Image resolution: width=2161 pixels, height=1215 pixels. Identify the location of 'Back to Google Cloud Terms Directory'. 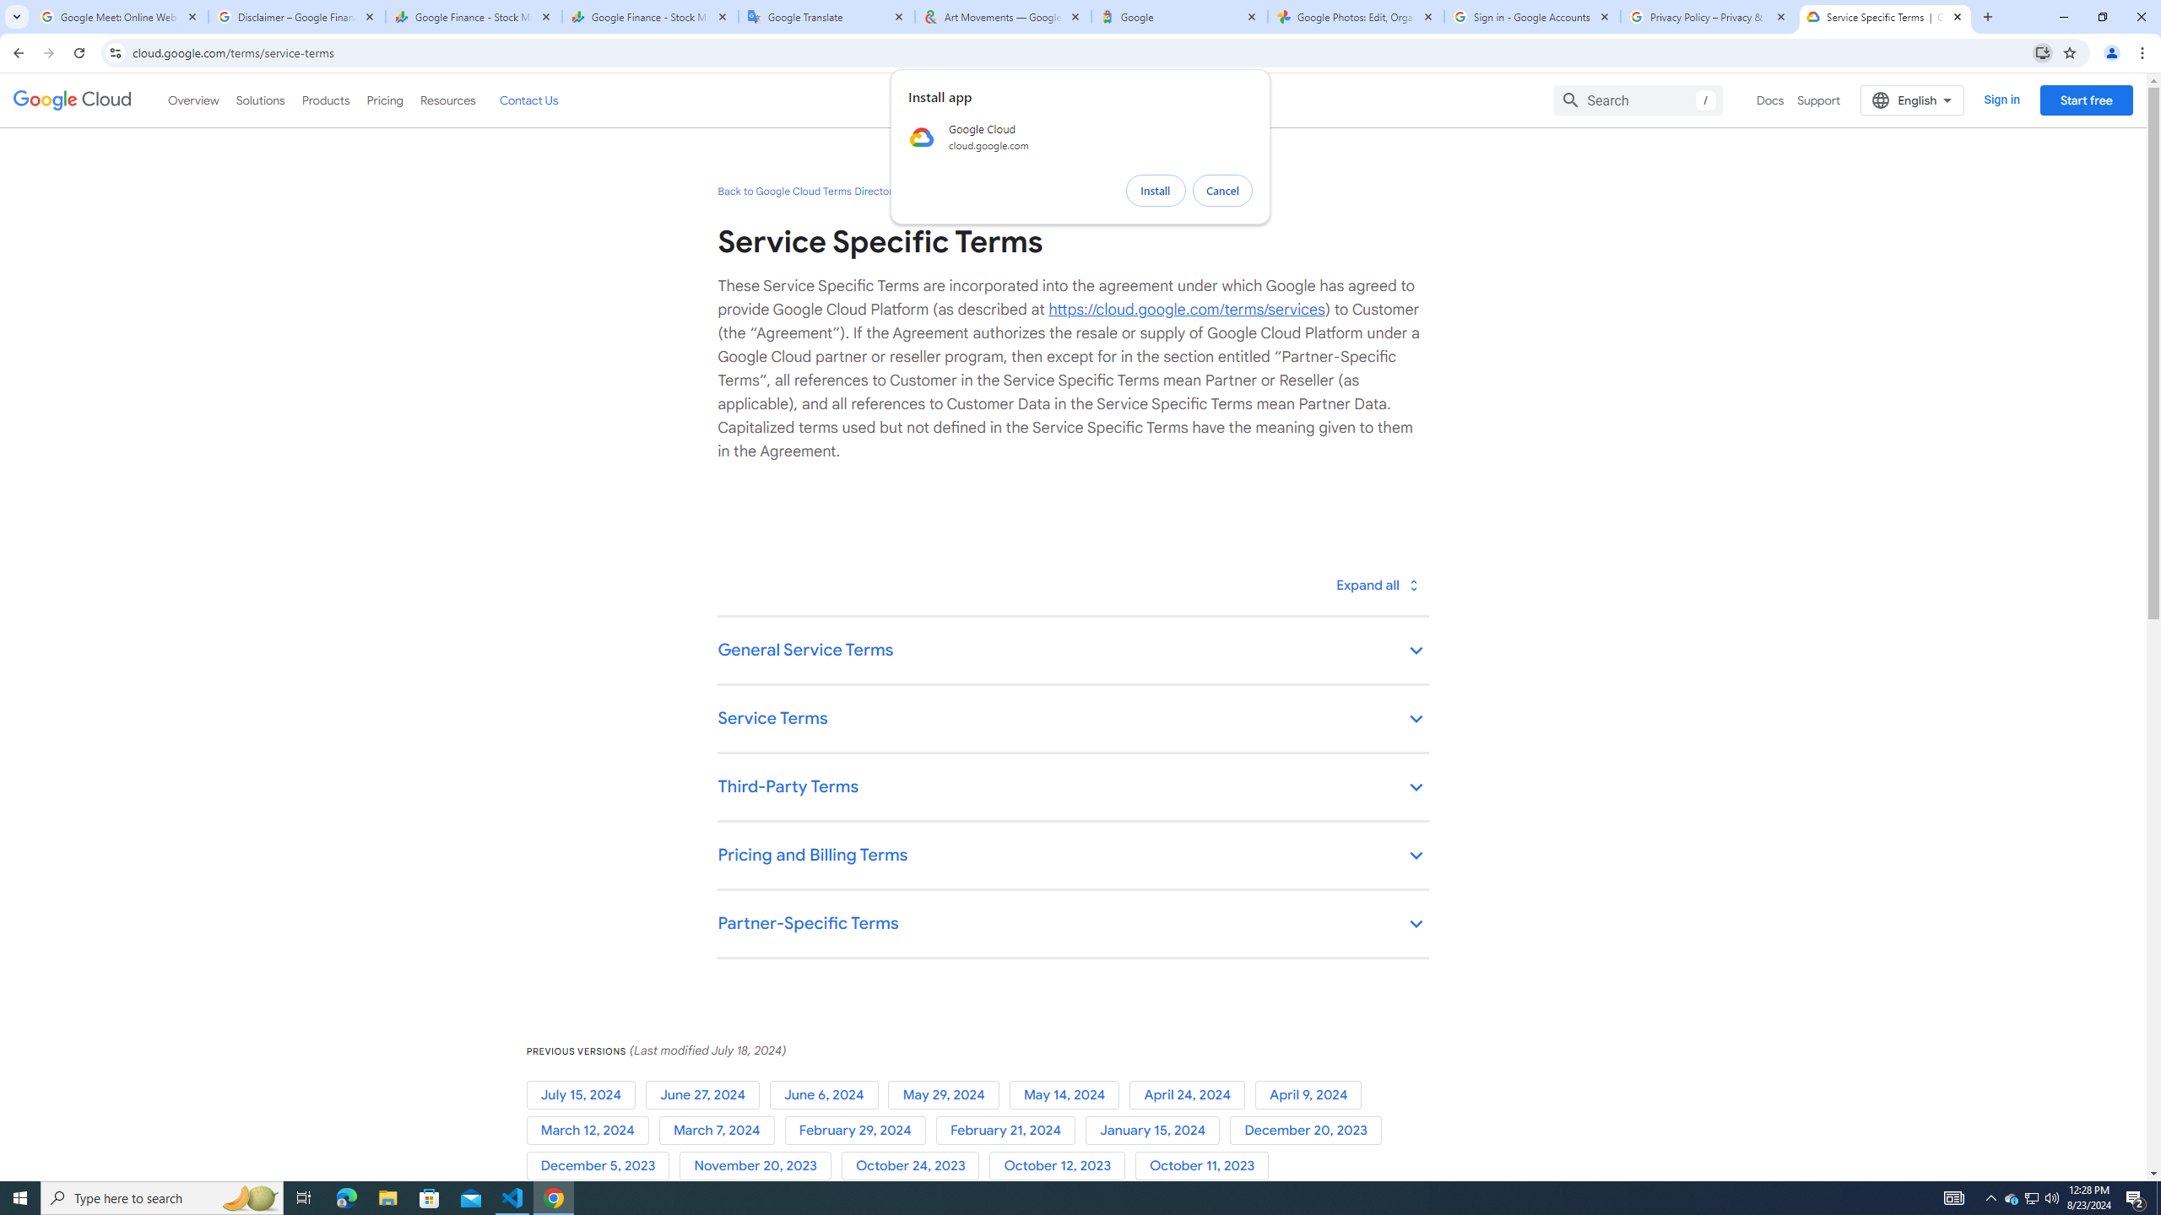
(808, 190).